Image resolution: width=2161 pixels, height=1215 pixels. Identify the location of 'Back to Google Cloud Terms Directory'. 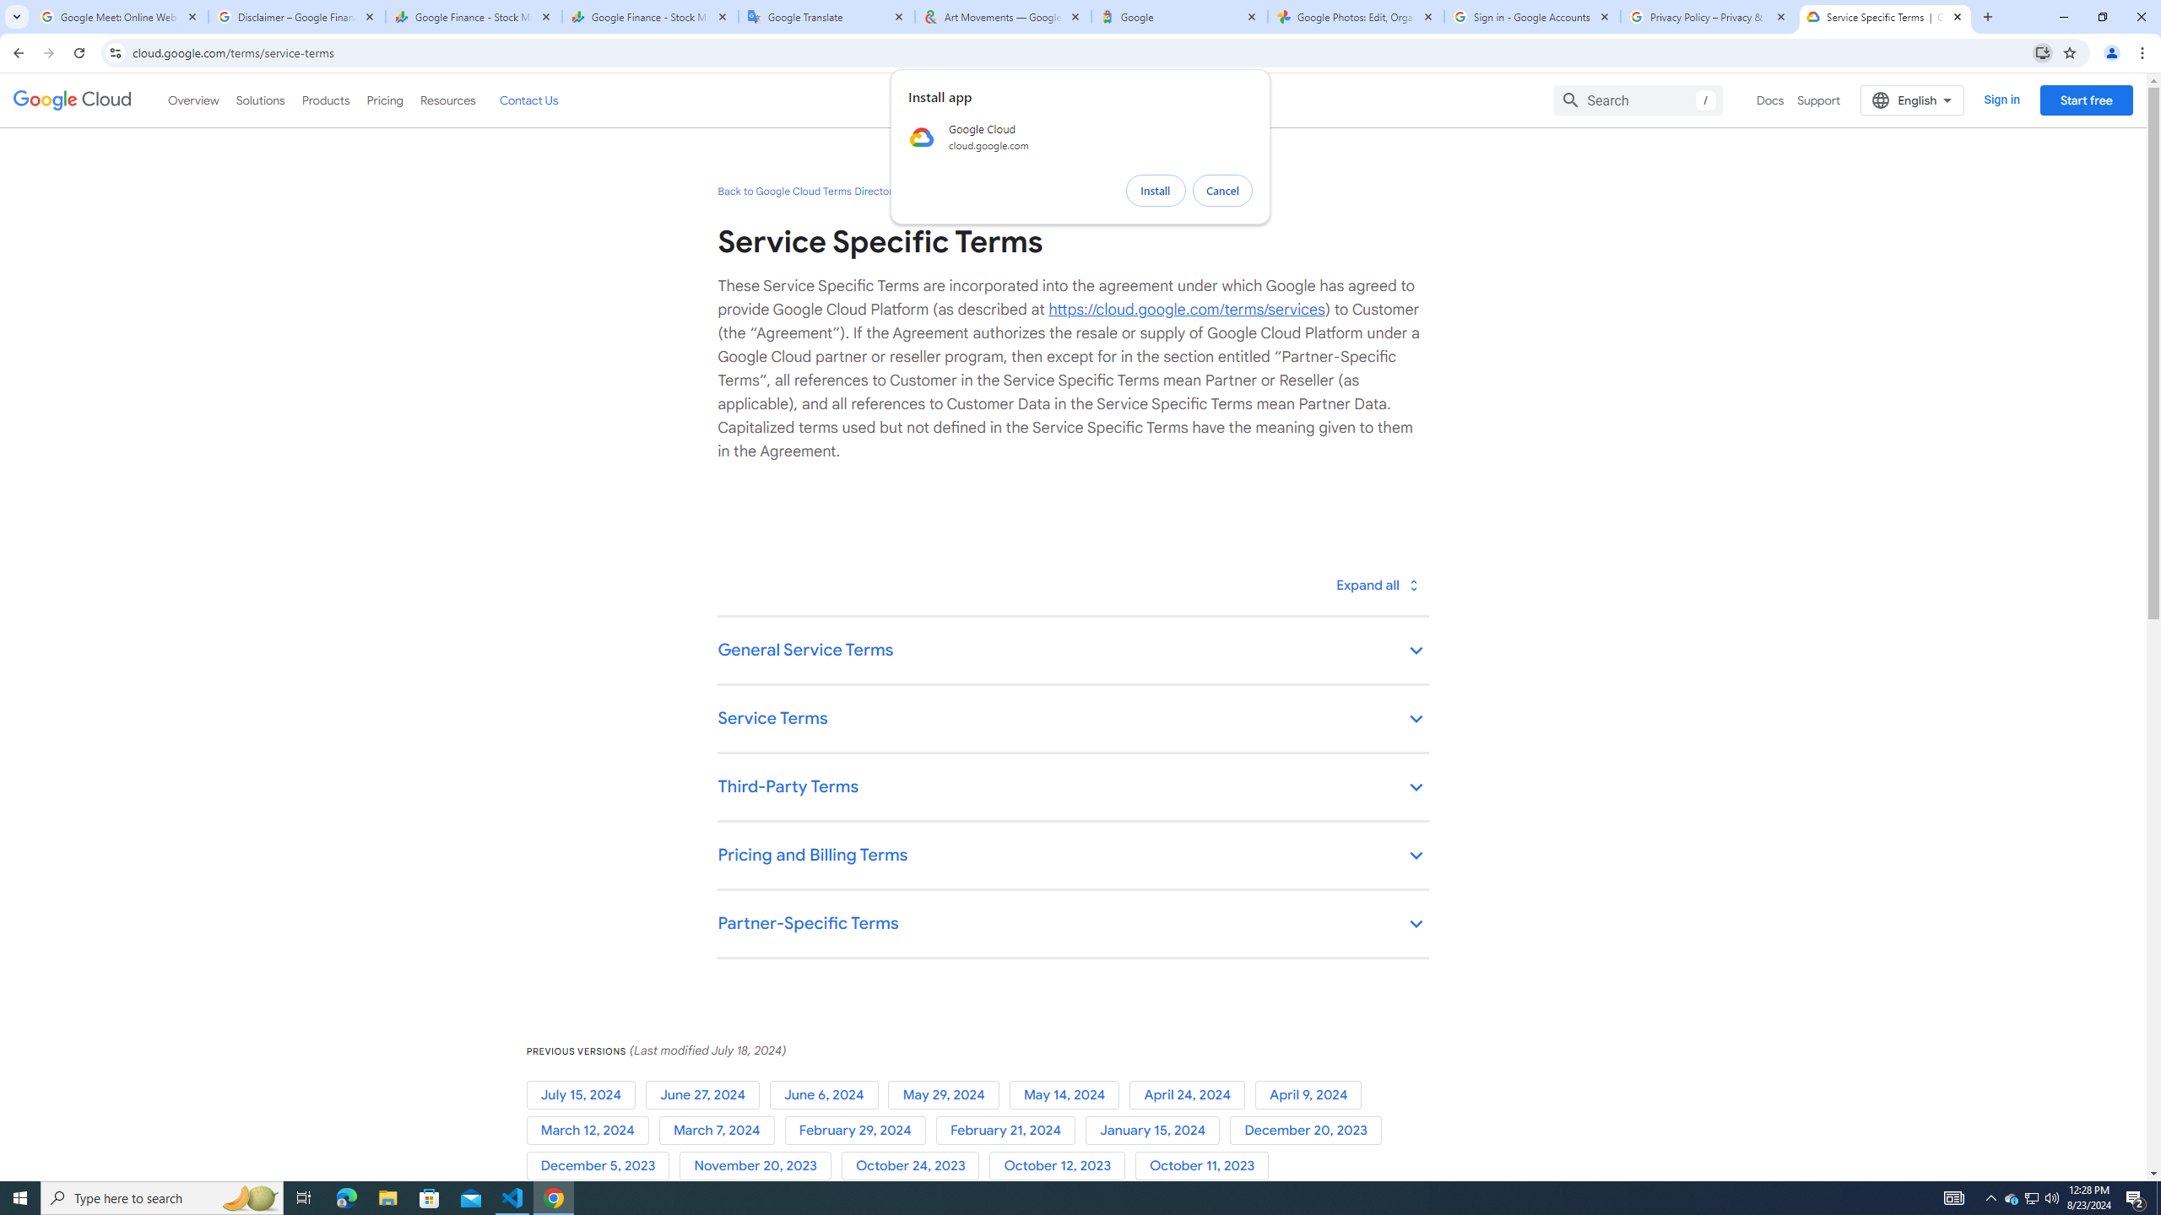
(808, 190).